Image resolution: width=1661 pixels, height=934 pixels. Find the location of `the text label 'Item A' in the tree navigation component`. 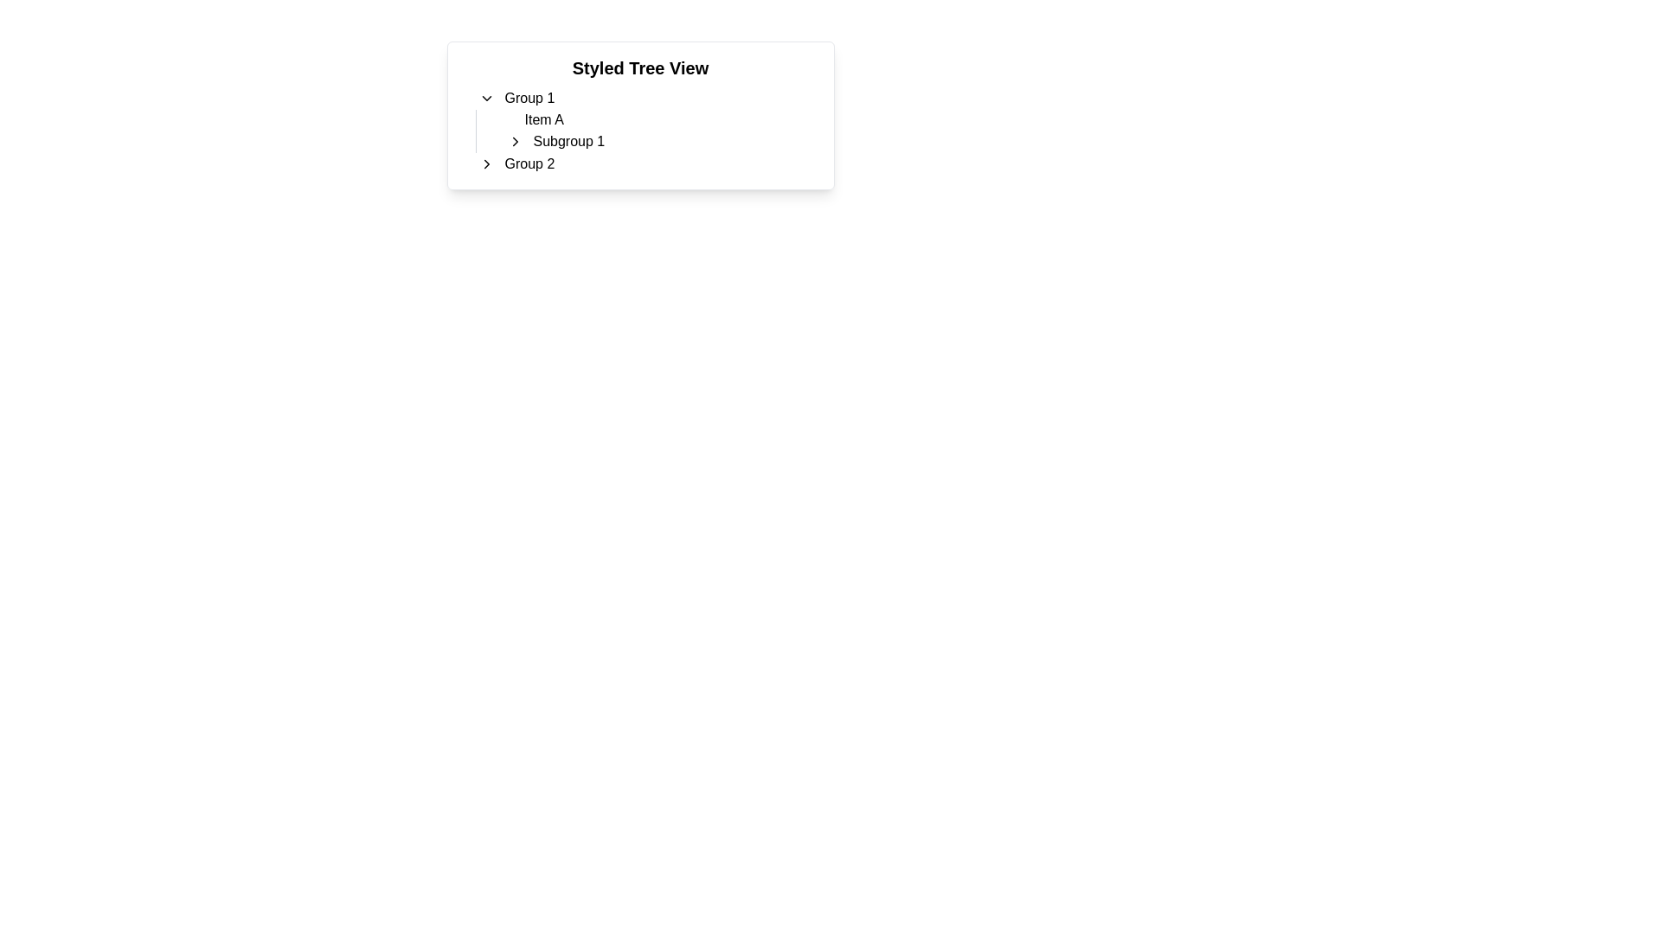

the text label 'Item A' in the tree navigation component is located at coordinates (542, 118).